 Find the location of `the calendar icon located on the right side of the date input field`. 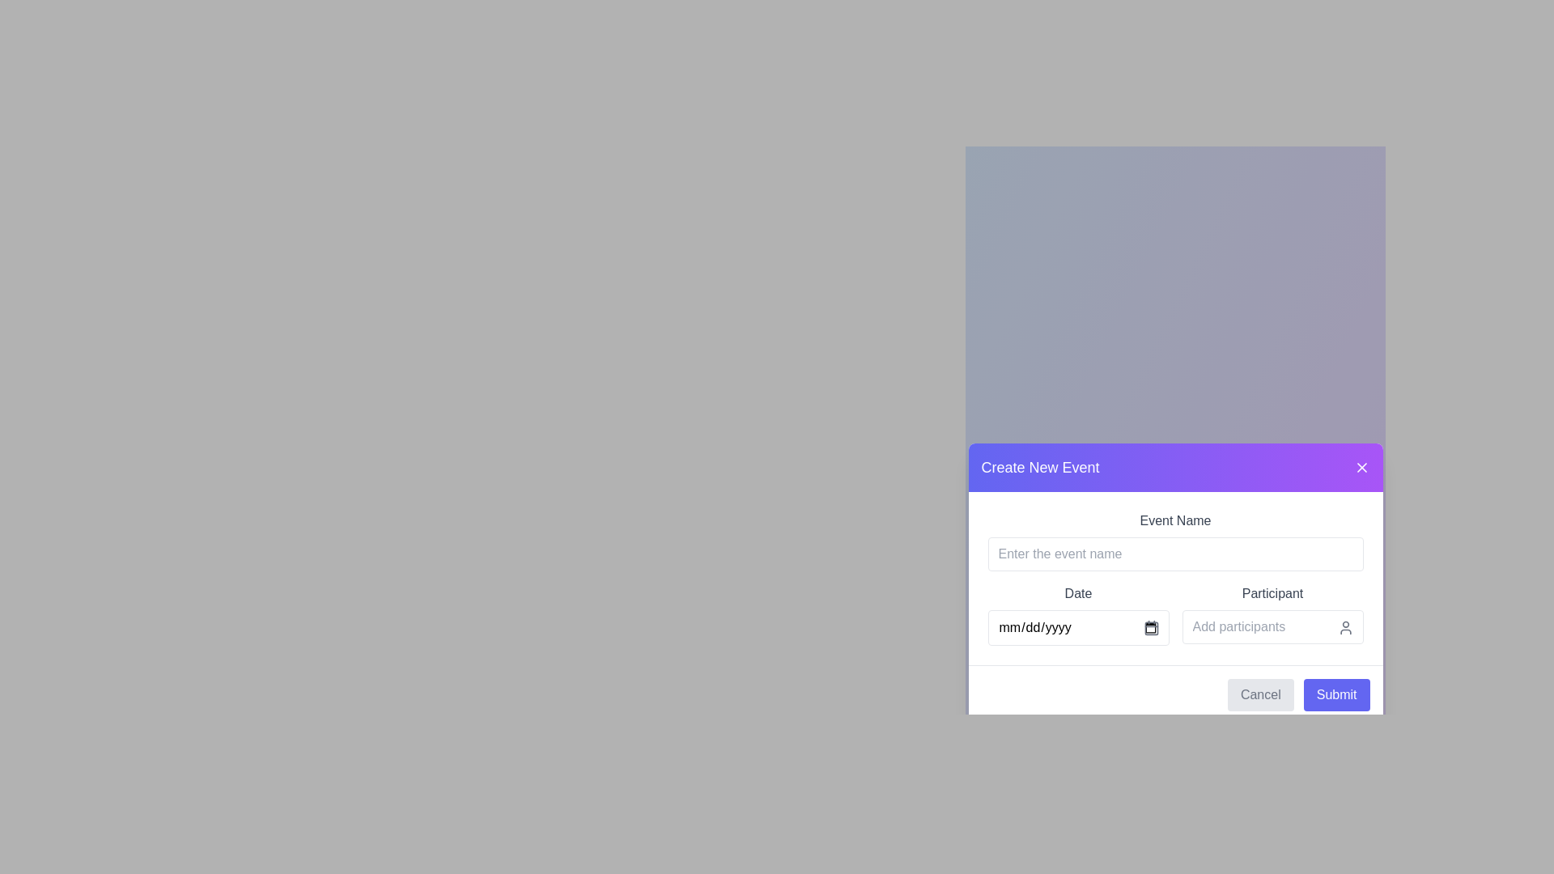

the calendar icon located on the right side of the date input field is located at coordinates (1150, 626).